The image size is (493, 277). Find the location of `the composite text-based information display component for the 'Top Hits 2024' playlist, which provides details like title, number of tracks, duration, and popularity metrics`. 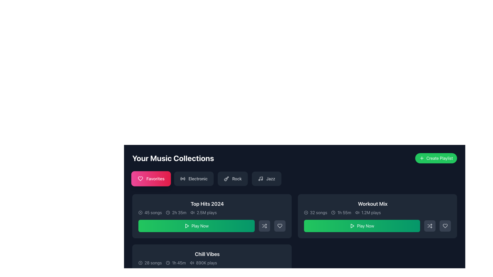

the composite text-based information display component for the 'Top Hits 2024' playlist, which provides details like title, number of tracks, duration, and popularity metrics is located at coordinates (212, 208).